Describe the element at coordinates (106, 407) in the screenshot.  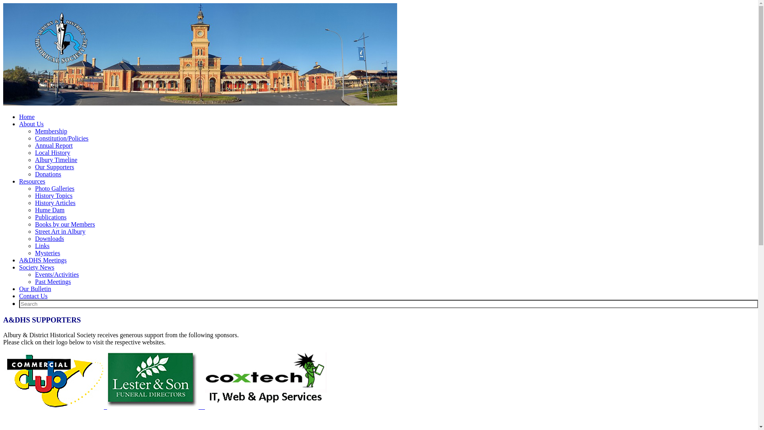
I see `'   '` at that location.